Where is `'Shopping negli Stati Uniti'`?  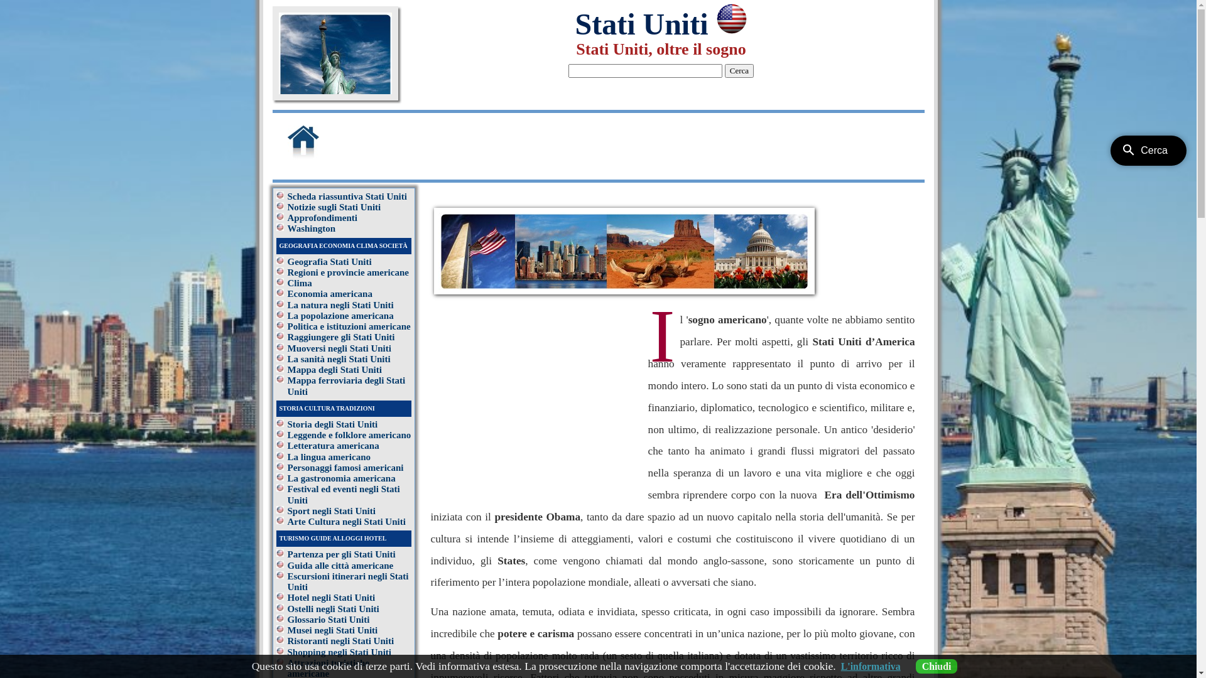
'Shopping negli Stati Uniti' is located at coordinates (339, 650).